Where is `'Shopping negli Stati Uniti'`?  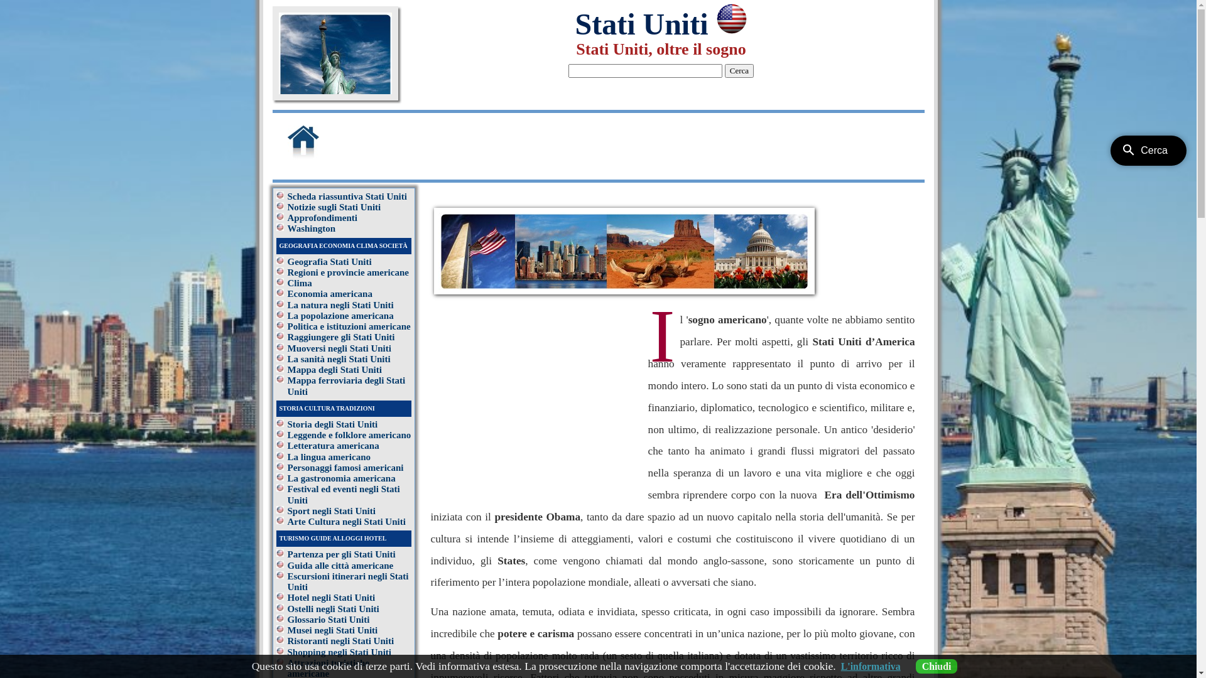
'Shopping negli Stati Uniti' is located at coordinates (339, 650).